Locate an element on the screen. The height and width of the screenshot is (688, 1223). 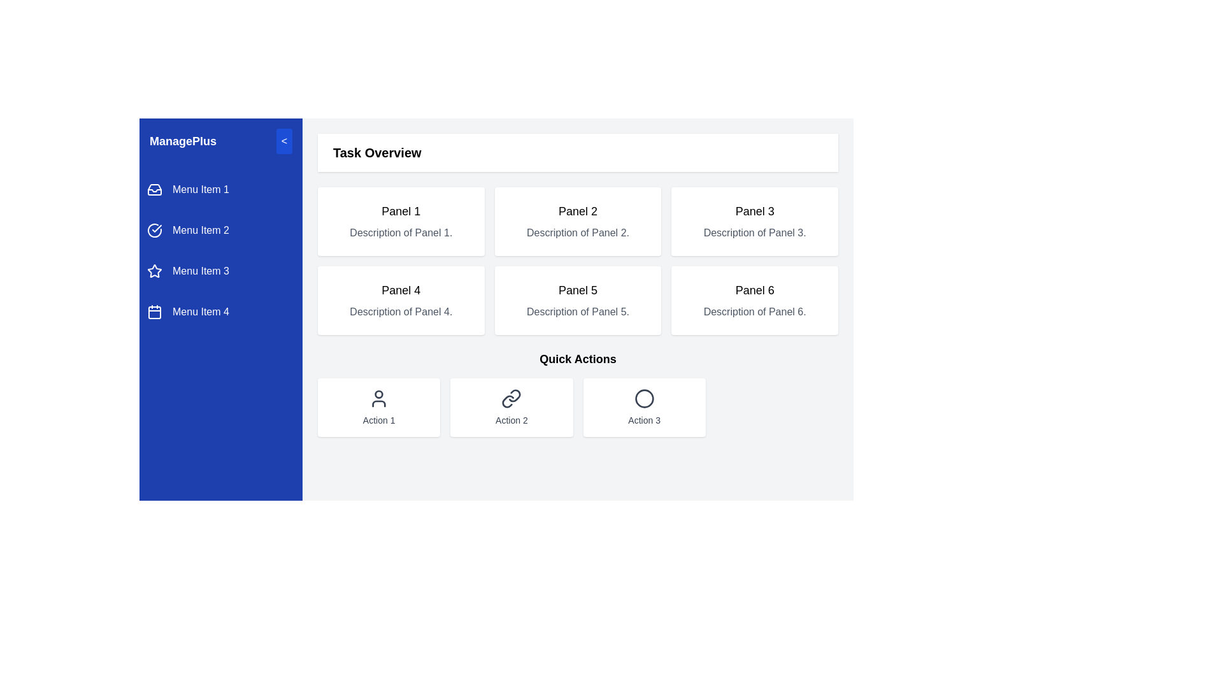
the text label displaying 'Description of Panel 5' styled in gray, located directly below the 'Panel 5' header within the white panel of the fifth grid panel is located at coordinates (577, 312).